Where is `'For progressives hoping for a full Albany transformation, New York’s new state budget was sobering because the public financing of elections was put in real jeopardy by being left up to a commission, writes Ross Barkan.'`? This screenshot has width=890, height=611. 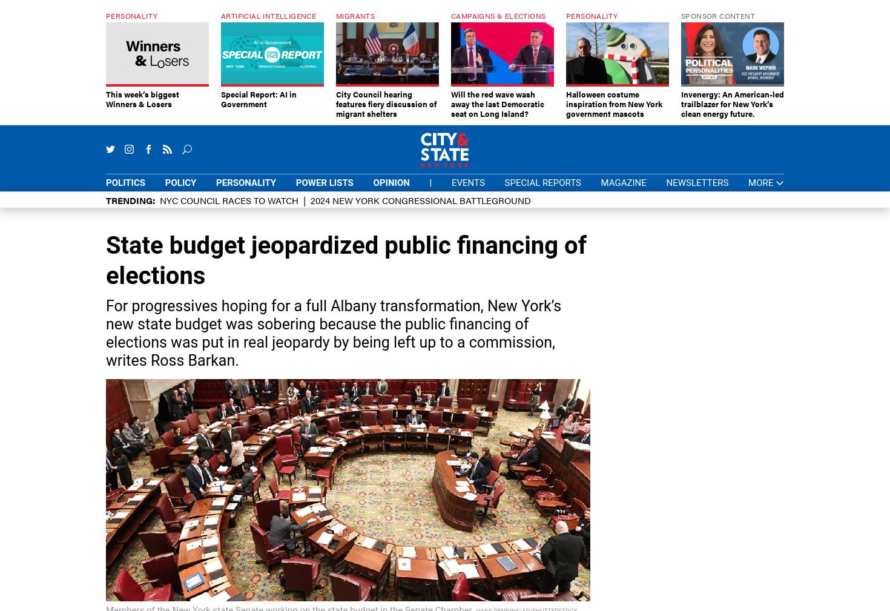
'For progressives hoping for a full Albany transformation, New York’s new state budget was sobering because the public financing of elections was put in real jeopardy by being left up to a commission, writes Ross Barkan.' is located at coordinates (332, 333).